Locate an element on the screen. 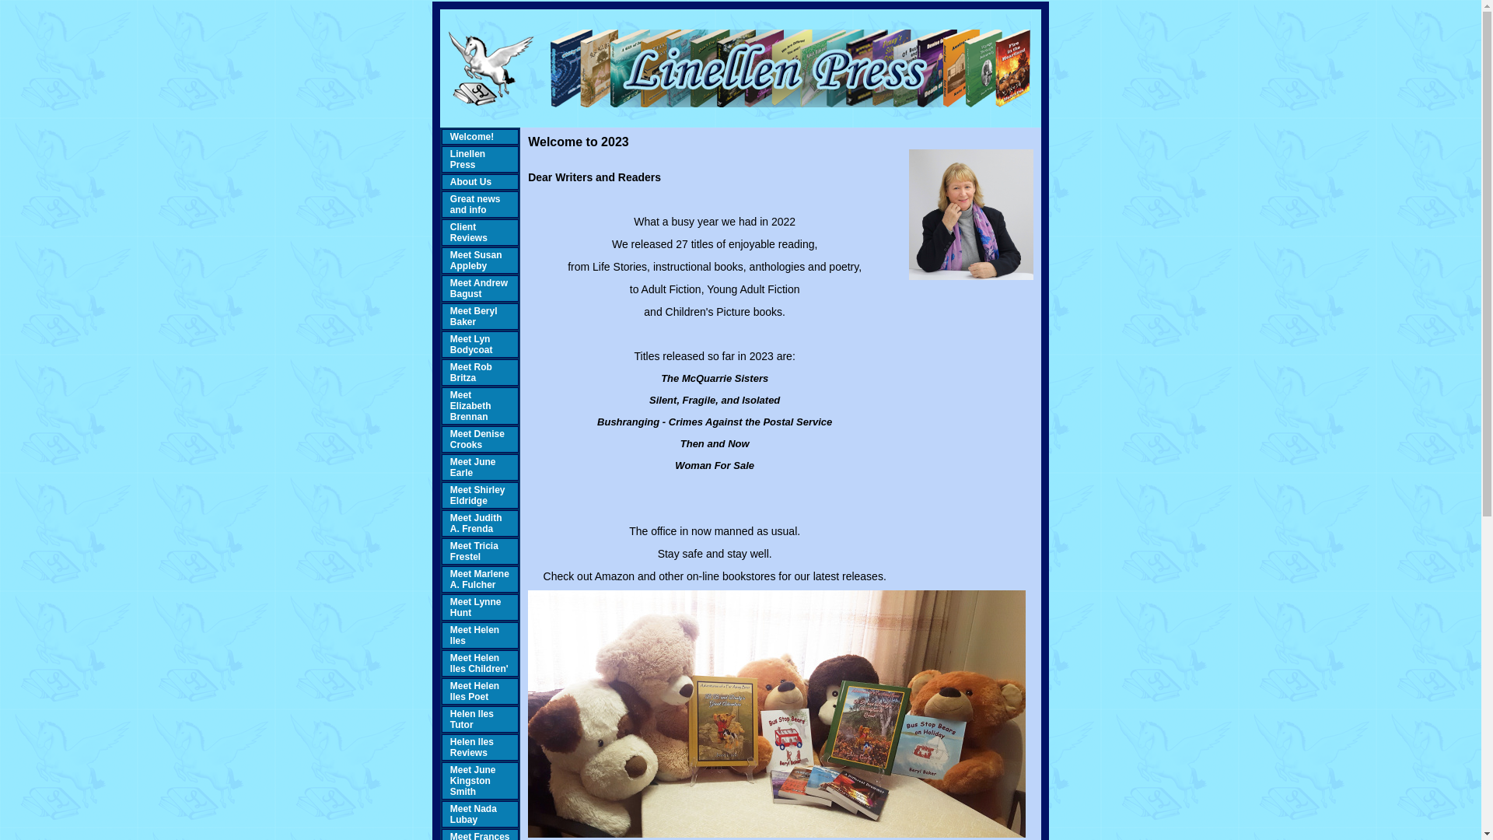 Image resolution: width=1493 pixels, height=840 pixels. 'Meet Elizabeth Brennan' is located at coordinates (470, 404).